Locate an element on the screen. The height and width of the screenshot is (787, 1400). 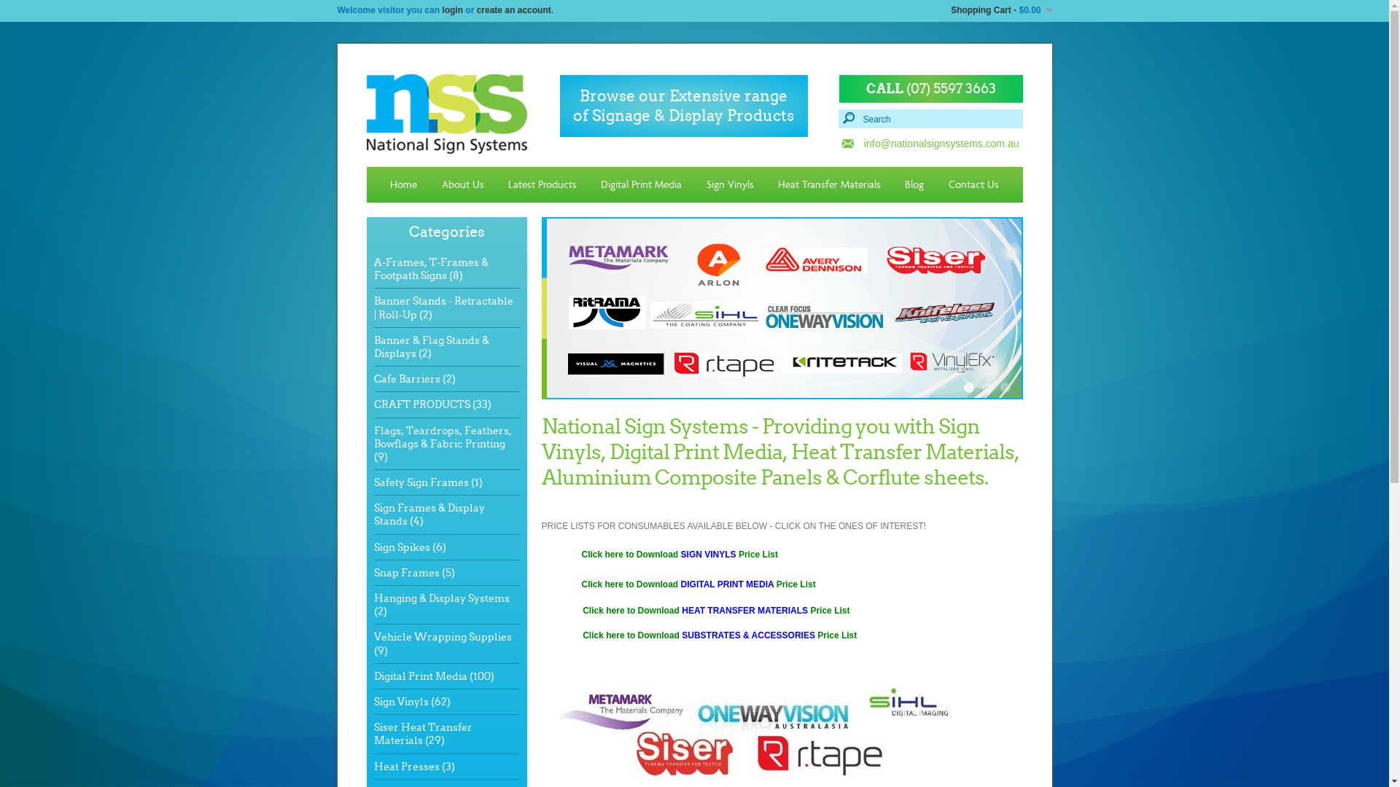
'Banner & Flag Stands & Displays (2)' is located at coordinates (429, 346).